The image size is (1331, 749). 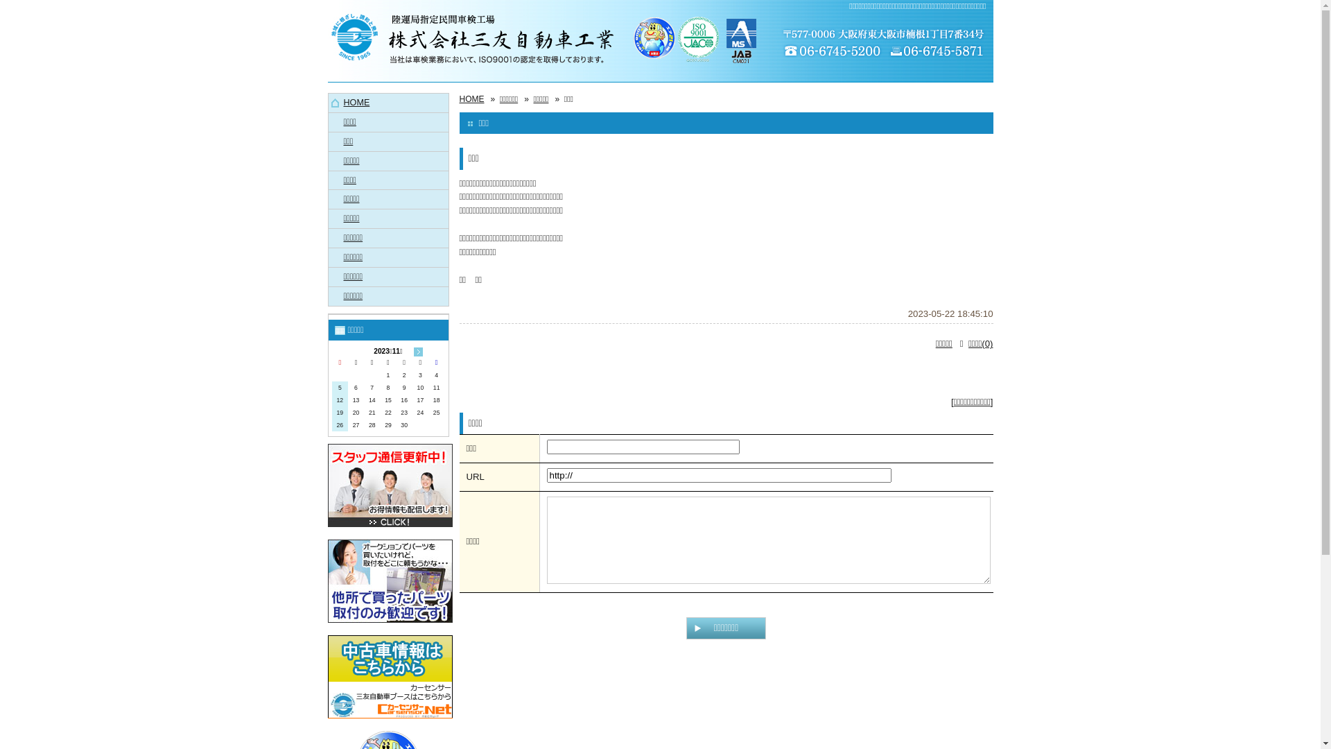 What do you see at coordinates (471, 98) in the screenshot?
I see `'HOME'` at bounding box center [471, 98].